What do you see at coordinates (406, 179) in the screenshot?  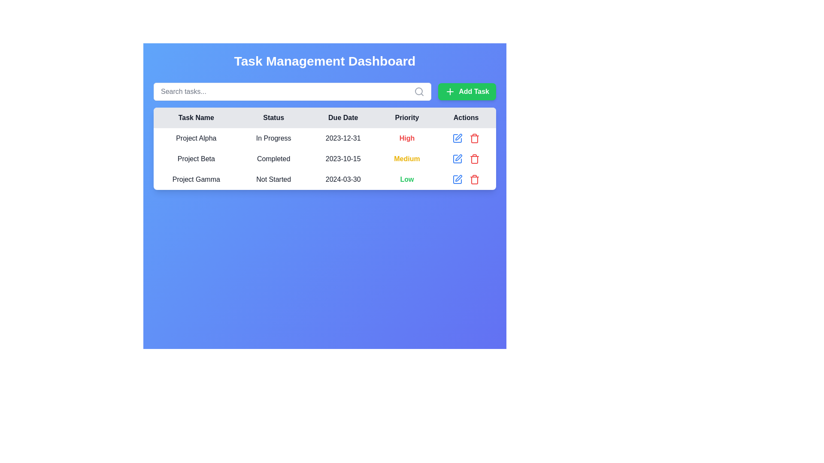 I see `text of the priority level label indicating 'Low' urgency located in the last row of the table under the 'Priority' column, next to the due date '2024-03-30'` at bounding box center [406, 179].